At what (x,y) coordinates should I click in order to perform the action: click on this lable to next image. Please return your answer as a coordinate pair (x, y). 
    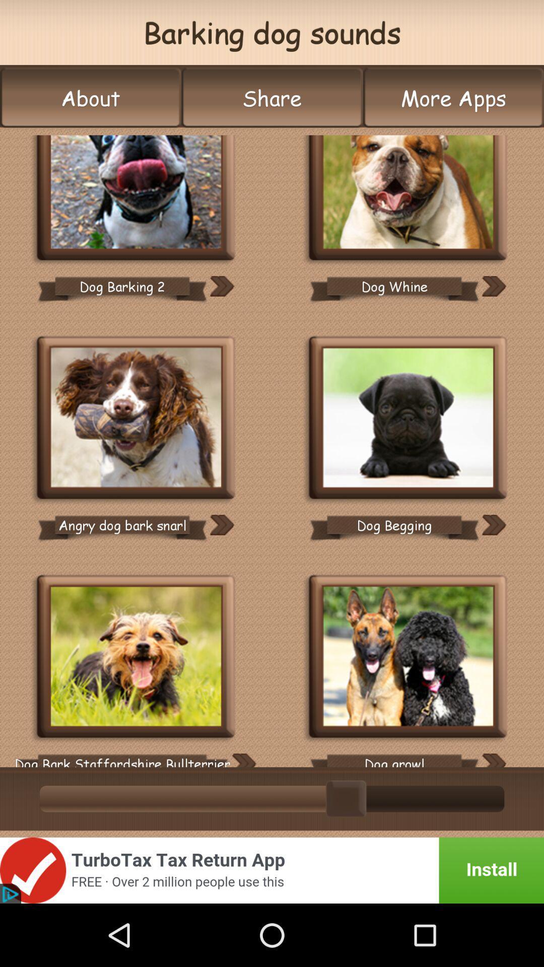
    Looking at the image, I should click on (221, 286).